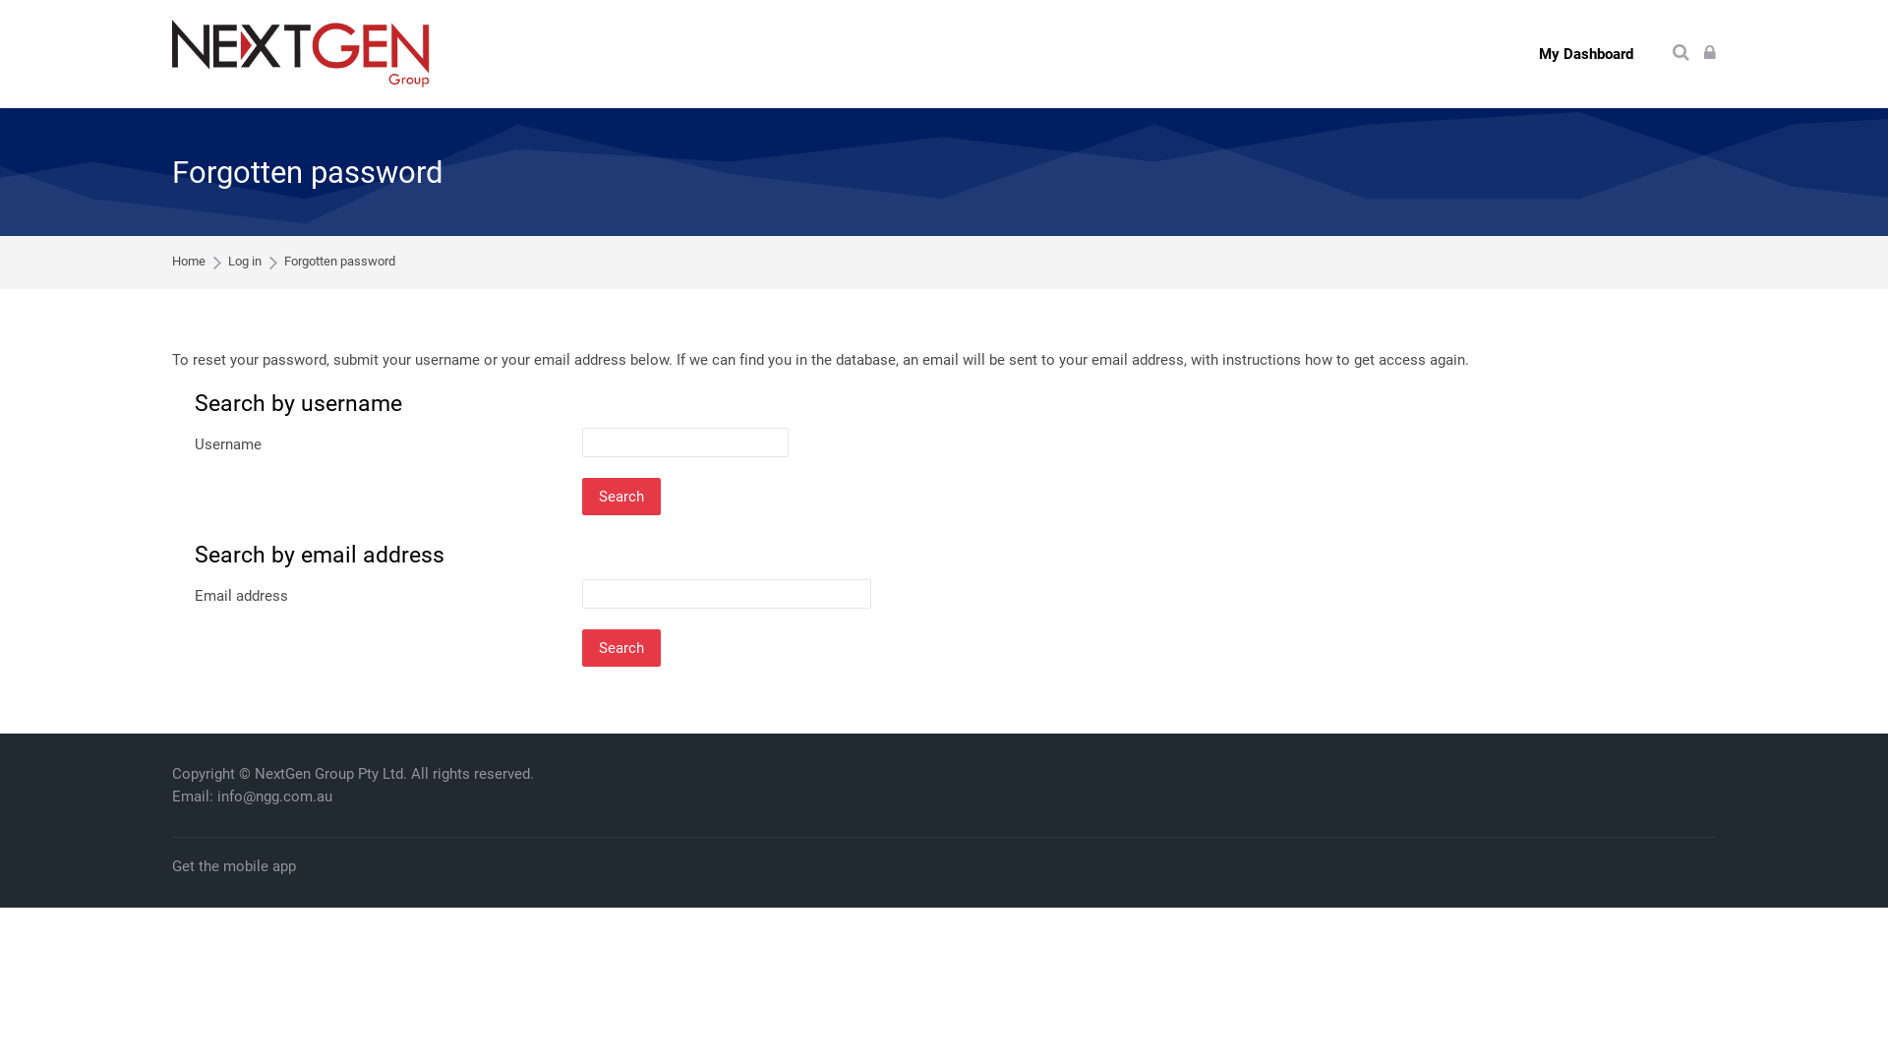 This screenshot has width=1888, height=1062. I want to click on 'Home', so click(189, 261).